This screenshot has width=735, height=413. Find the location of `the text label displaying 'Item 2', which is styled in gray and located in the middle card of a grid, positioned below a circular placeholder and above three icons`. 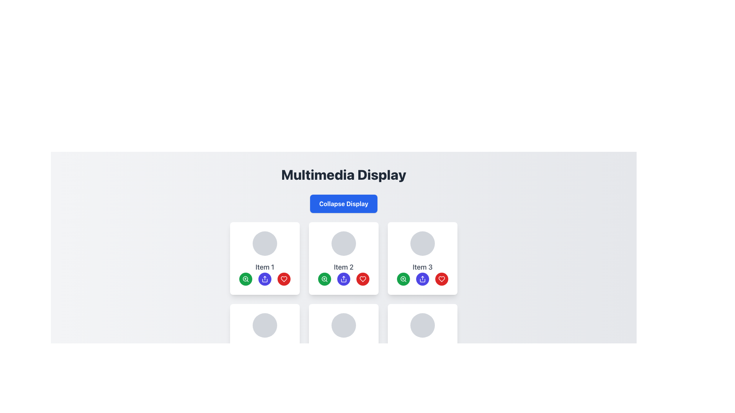

the text label displaying 'Item 2', which is styled in gray and located in the middle card of a grid, positioned below a circular placeholder and above three icons is located at coordinates (343, 267).